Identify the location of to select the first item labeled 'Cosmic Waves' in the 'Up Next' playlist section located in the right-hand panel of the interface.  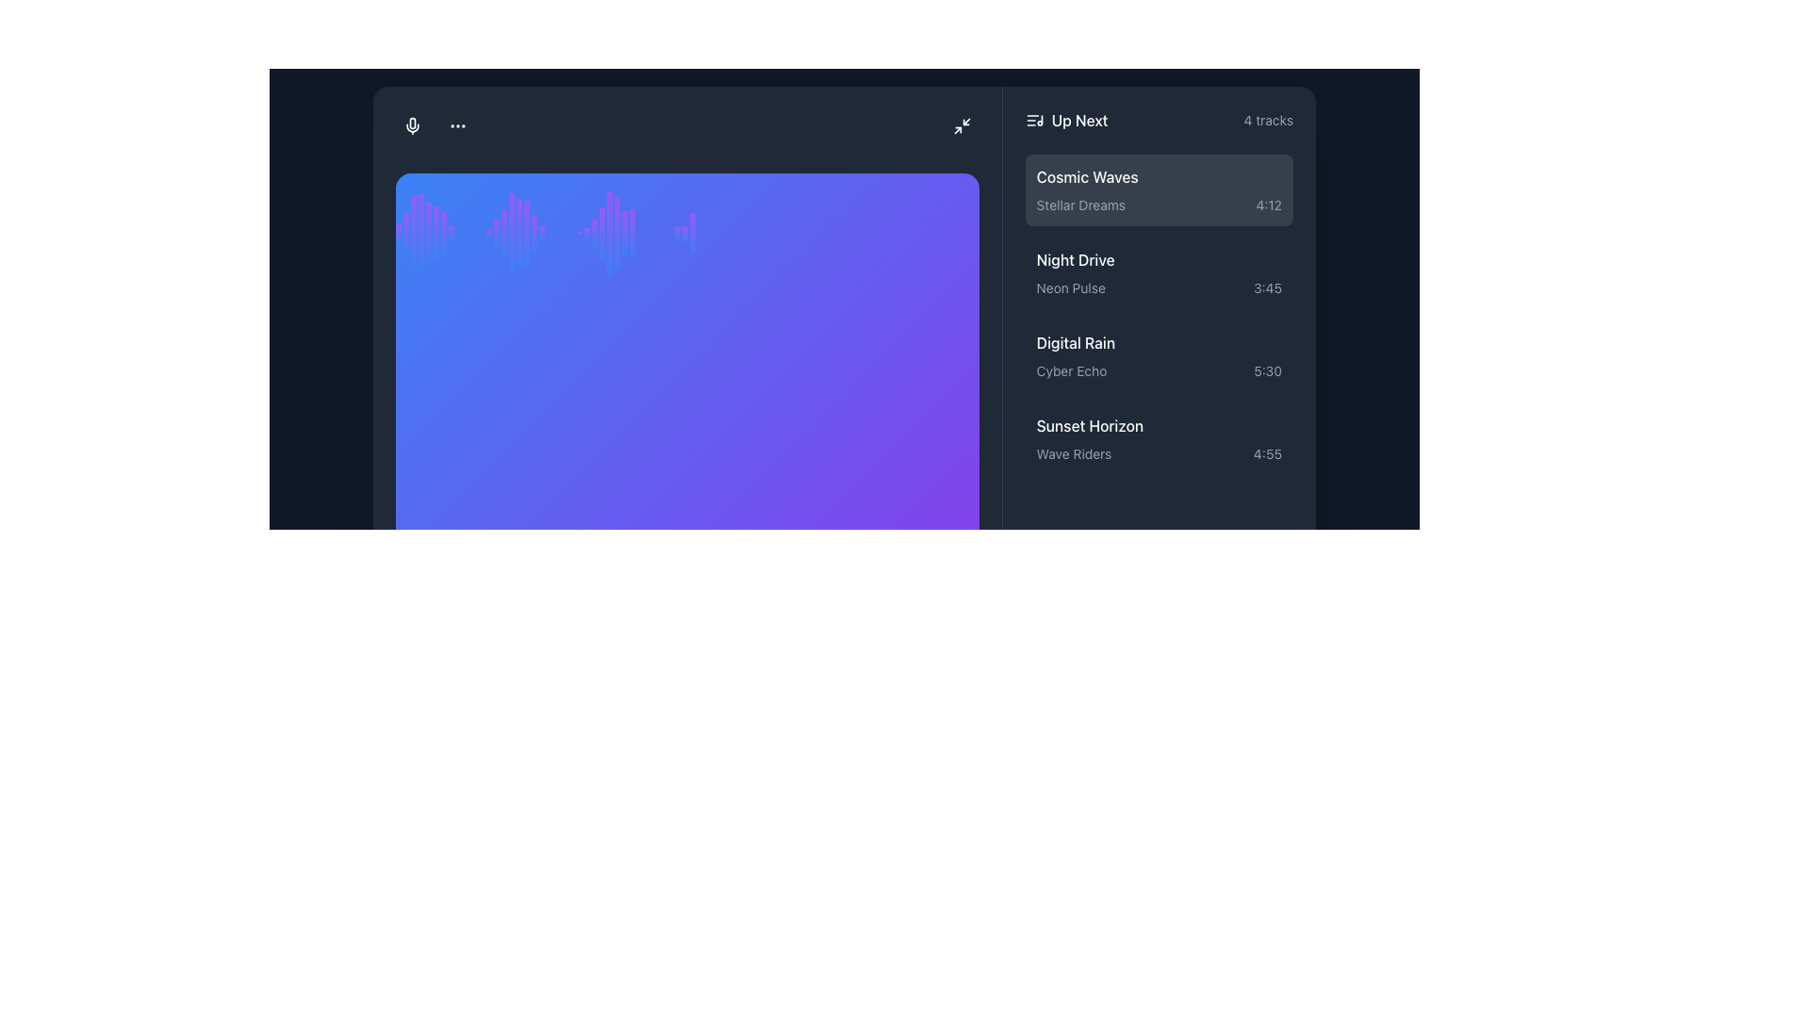
(1158, 189).